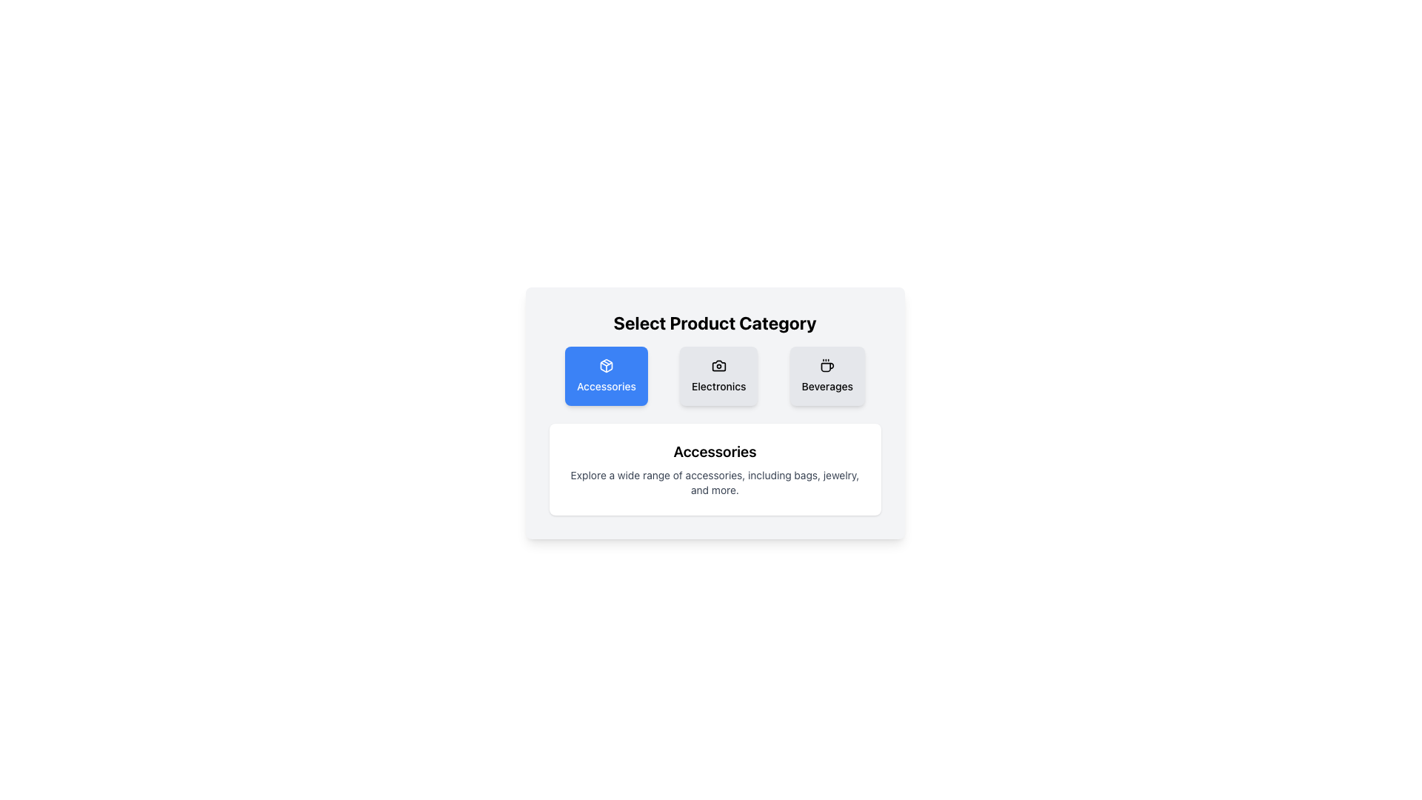 The width and height of the screenshot is (1422, 800). I want to click on the informational text block about accessories, which includes a header styled in bold and larger font, located at the center-bottom of the card-like layout beneath the 'Accessories' button, so click(715, 469).